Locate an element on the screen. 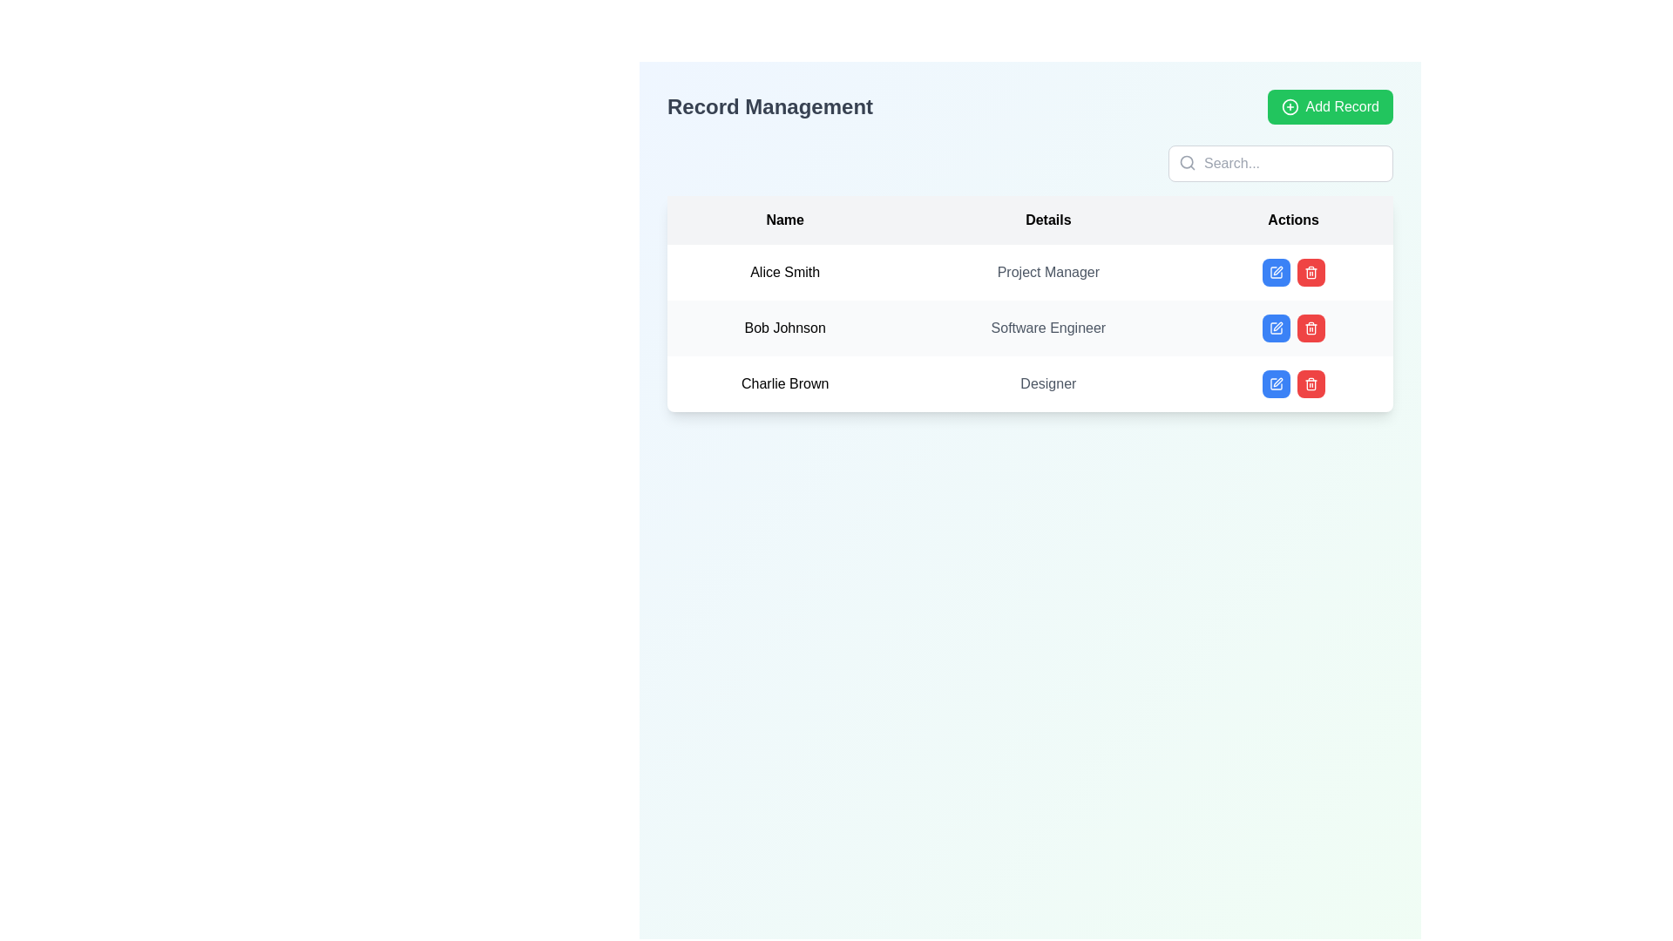 This screenshot has height=941, width=1673. the blue edit button with a white pen icon located in the 'Actions' column aligned with the 'Project Manager' row is located at coordinates (1276, 272).